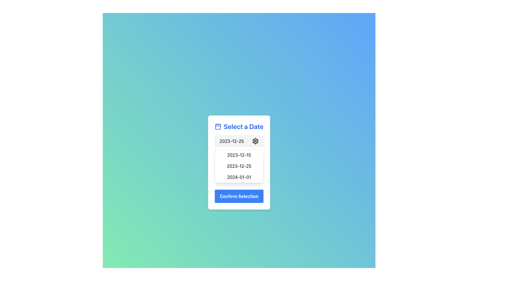 The image size is (532, 299). What do you see at coordinates (239, 162) in the screenshot?
I see `the dropdown menu for date selection located below the currently selected date field in the date selection modal` at bounding box center [239, 162].